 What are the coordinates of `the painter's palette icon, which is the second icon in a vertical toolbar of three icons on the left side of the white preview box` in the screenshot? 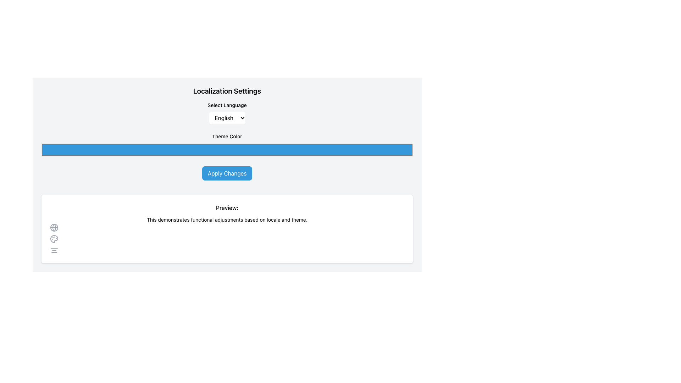 It's located at (54, 239).